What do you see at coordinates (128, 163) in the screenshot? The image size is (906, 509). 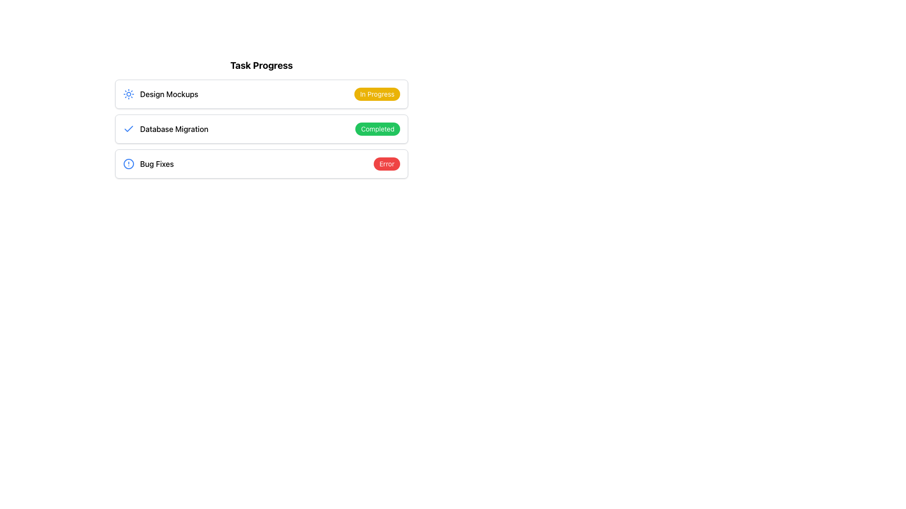 I see `the circular SVG graphic representing an error or alert icon, which is styled with a stroke and no fill, located next to the 'Bug Fixes' task label in the task list` at bounding box center [128, 163].